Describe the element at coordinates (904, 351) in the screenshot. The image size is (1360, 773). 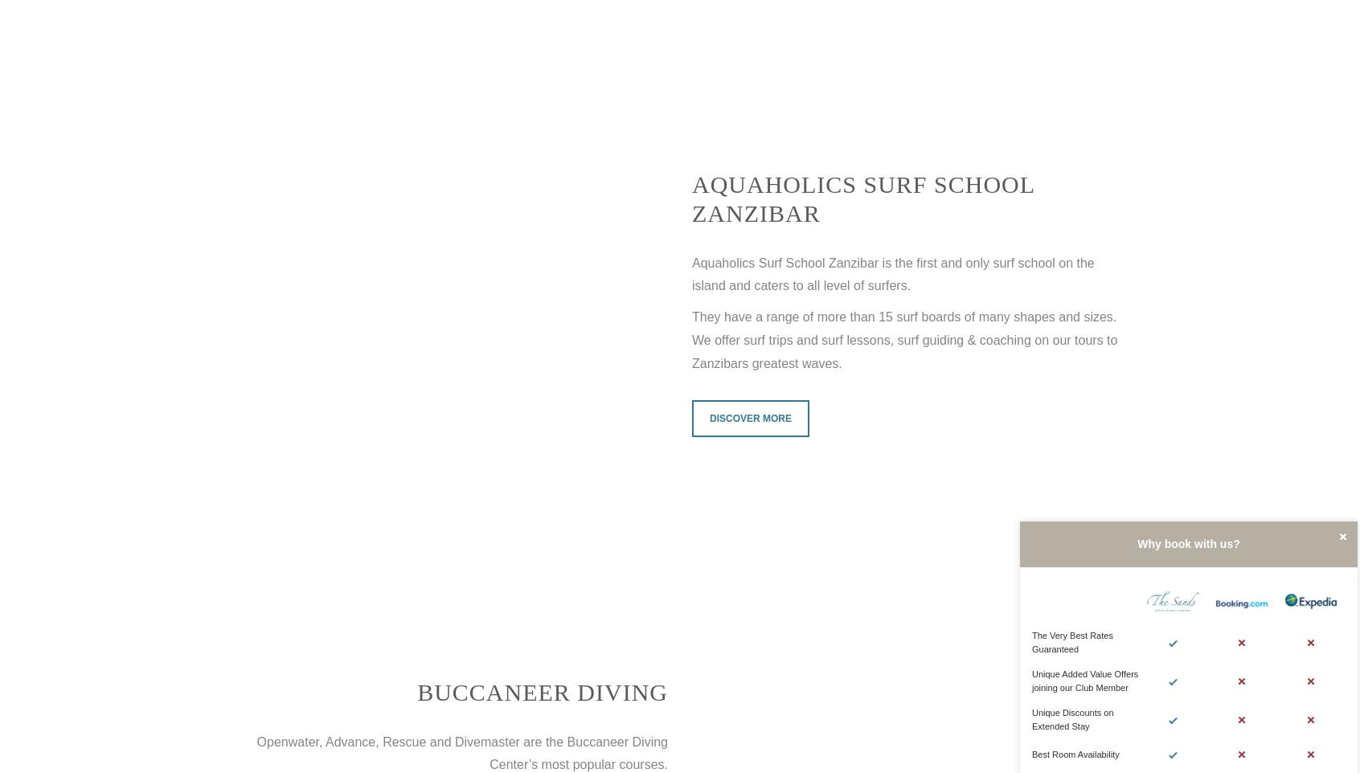
I see `'We offer surf trips and surf lessons, surf guiding & coaching on our tours to Zanzibars greatest waves.'` at that location.